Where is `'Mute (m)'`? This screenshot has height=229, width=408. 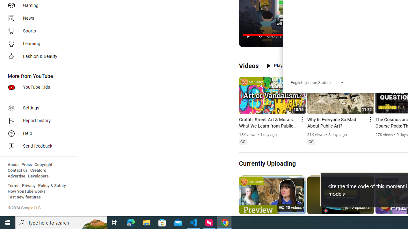
'Mute (m)' is located at coordinates (260, 36).